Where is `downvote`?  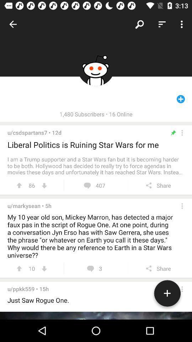 downvote is located at coordinates (44, 268).